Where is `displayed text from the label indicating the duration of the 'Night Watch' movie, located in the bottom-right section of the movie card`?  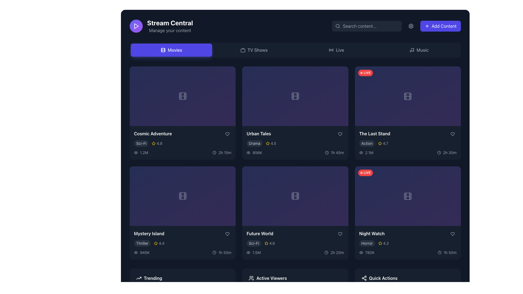
displayed text from the label indicating the duration of the 'Night Watch' movie, located in the bottom-right section of the movie card is located at coordinates (447, 253).